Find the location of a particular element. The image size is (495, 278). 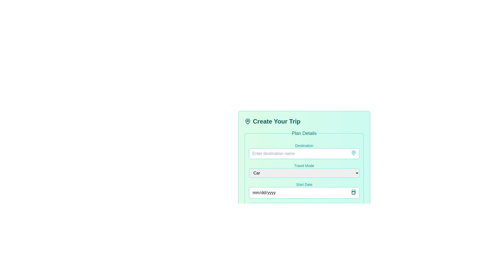

the Static text label that displays 'Destination', which is styled in teal and positioned above the destination input box is located at coordinates (304, 146).